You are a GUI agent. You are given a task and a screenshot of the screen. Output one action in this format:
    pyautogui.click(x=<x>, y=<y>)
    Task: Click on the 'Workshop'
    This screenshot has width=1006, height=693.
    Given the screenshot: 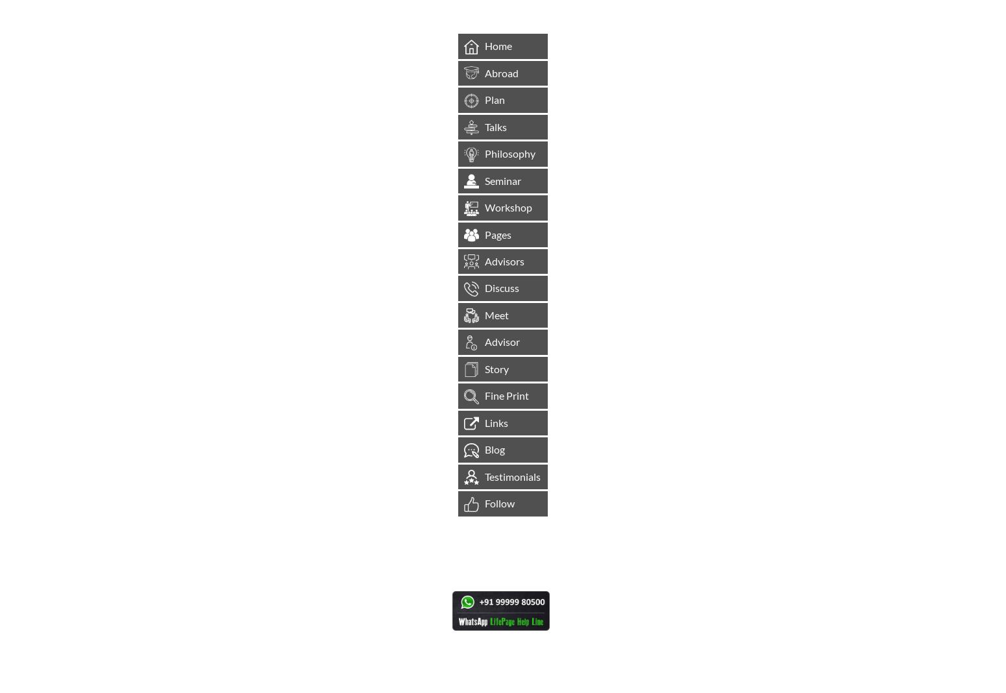 What is the action you would take?
    pyautogui.click(x=508, y=206)
    